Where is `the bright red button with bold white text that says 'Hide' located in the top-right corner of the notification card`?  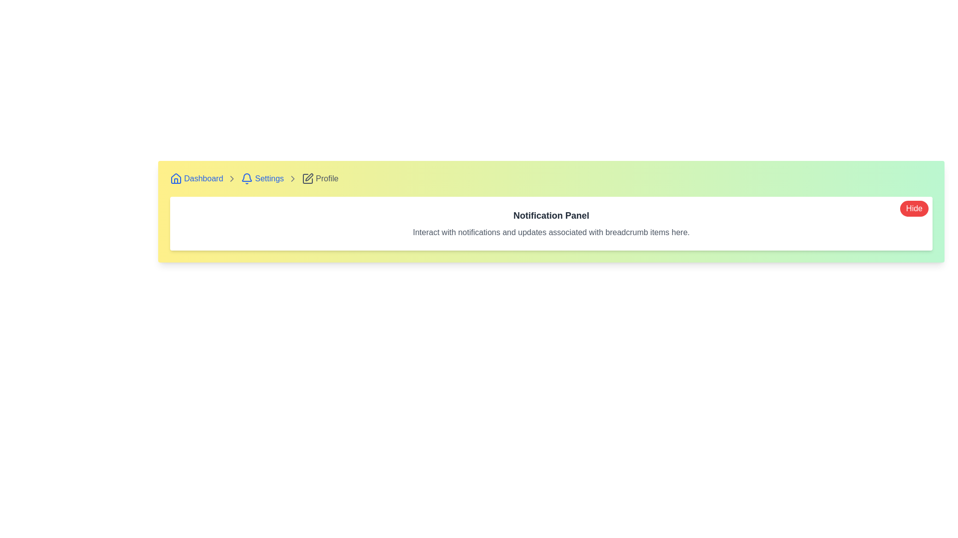
the bright red button with bold white text that says 'Hide' located in the top-right corner of the notification card is located at coordinates (914, 208).